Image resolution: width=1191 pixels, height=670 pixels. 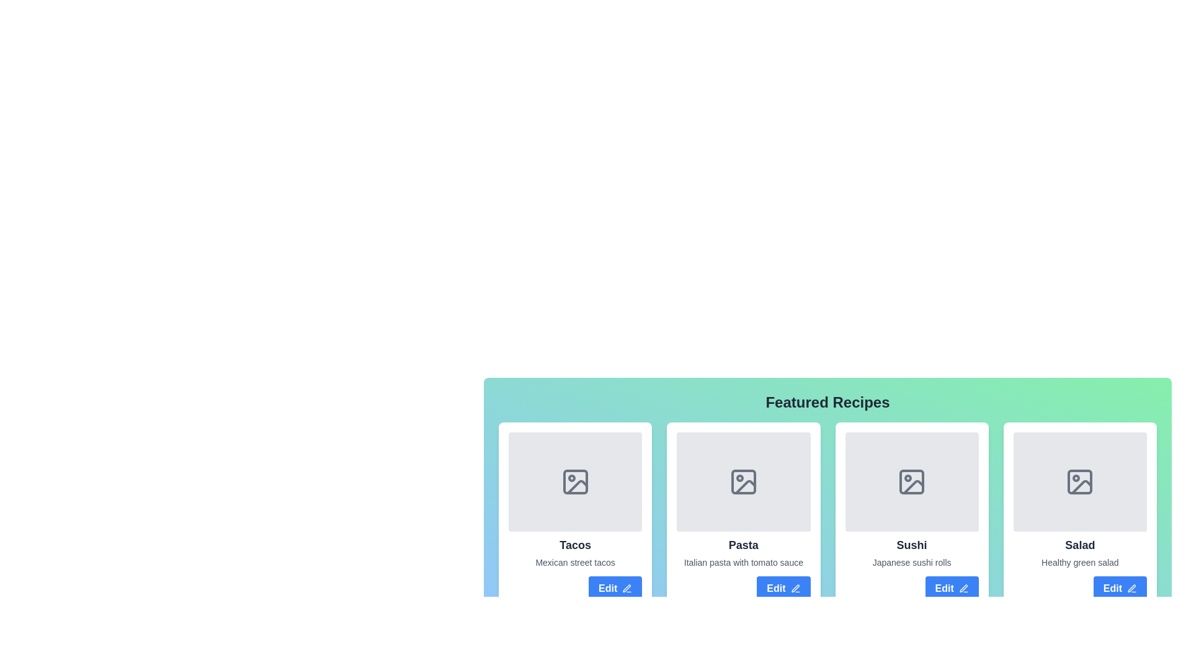 I want to click on the SVG icon located in the first card under the title 'Tacos' in the Featured Recipes section, centered inside the gray rectangle, so click(x=574, y=481).